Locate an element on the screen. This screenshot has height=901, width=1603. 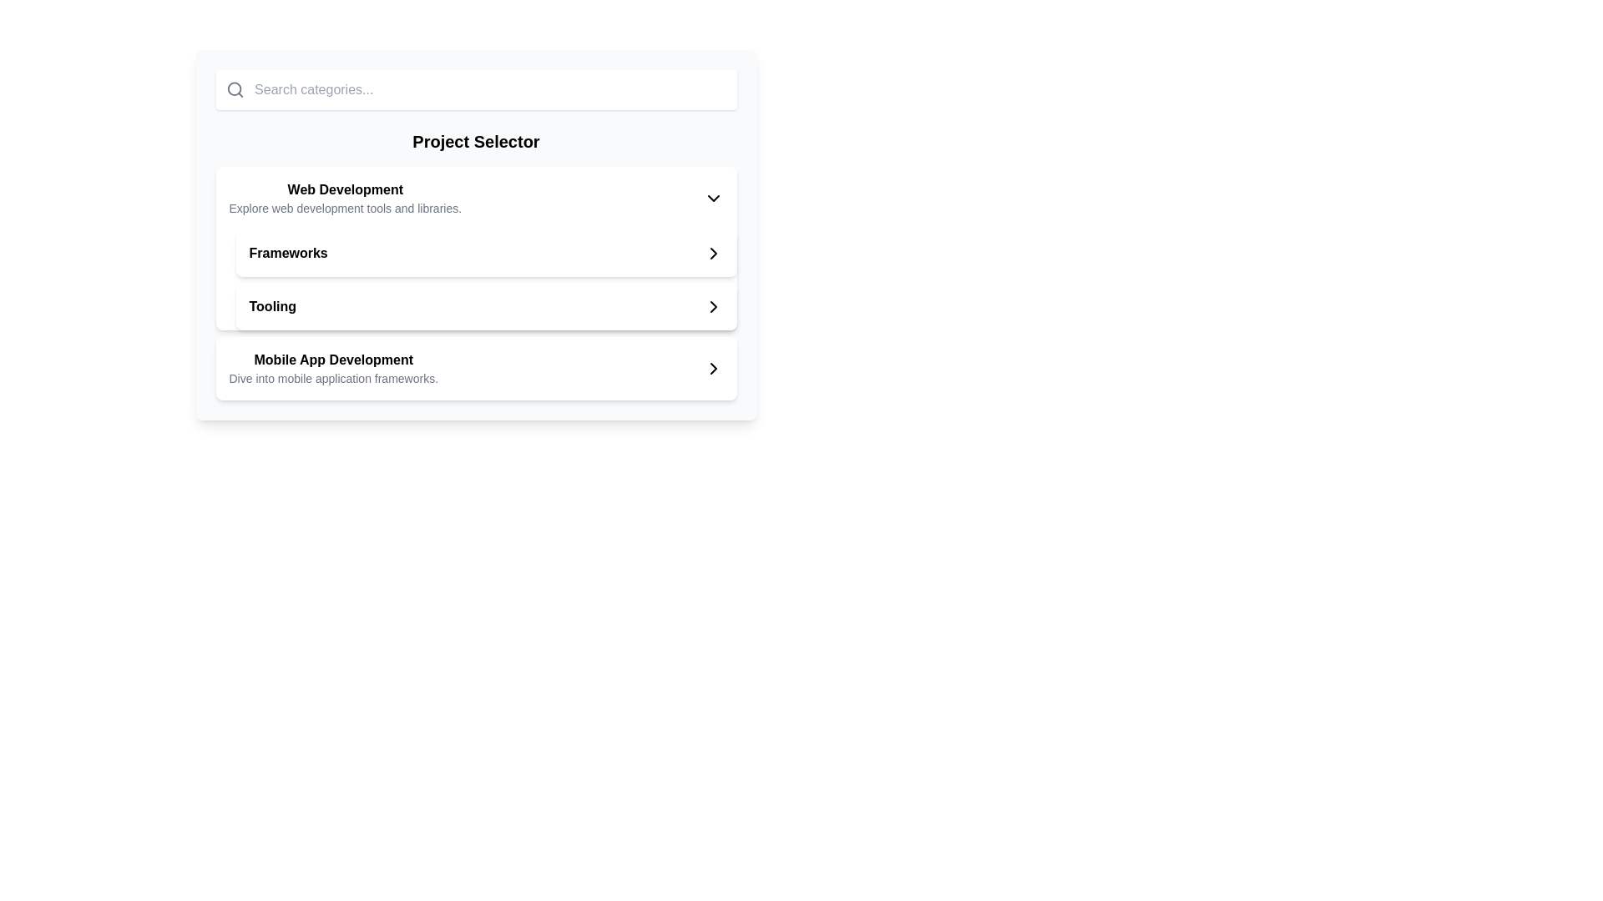
the Chevron icon next to the 'Frameworks' label in the 'Project Selector' menu is located at coordinates (713, 254).